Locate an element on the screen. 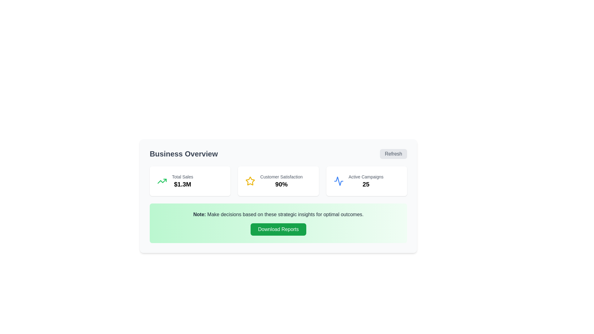 This screenshot has height=334, width=594. the graphic represented by the green upward trending arrow icon located at the top-left corner inside the 'Total Sales $1.3M' card is located at coordinates (162, 181).